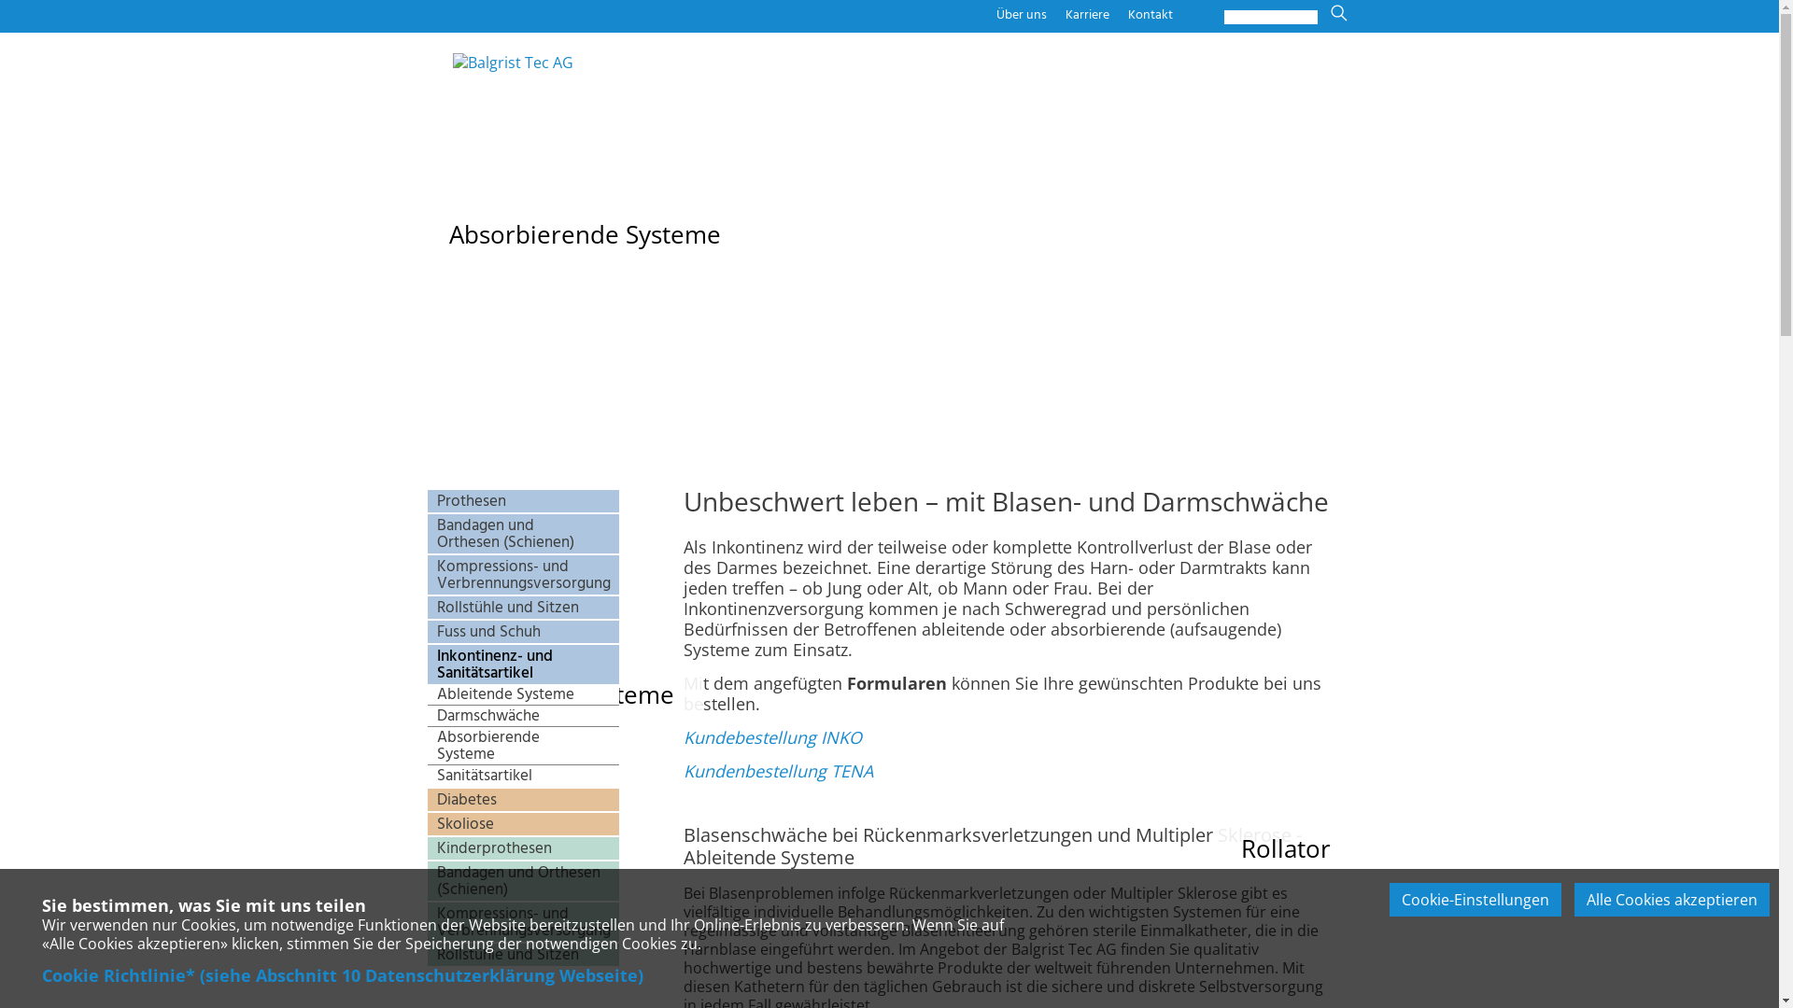  Describe the element at coordinates (523, 745) in the screenshot. I see `'Absorbierende Systeme'` at that location.